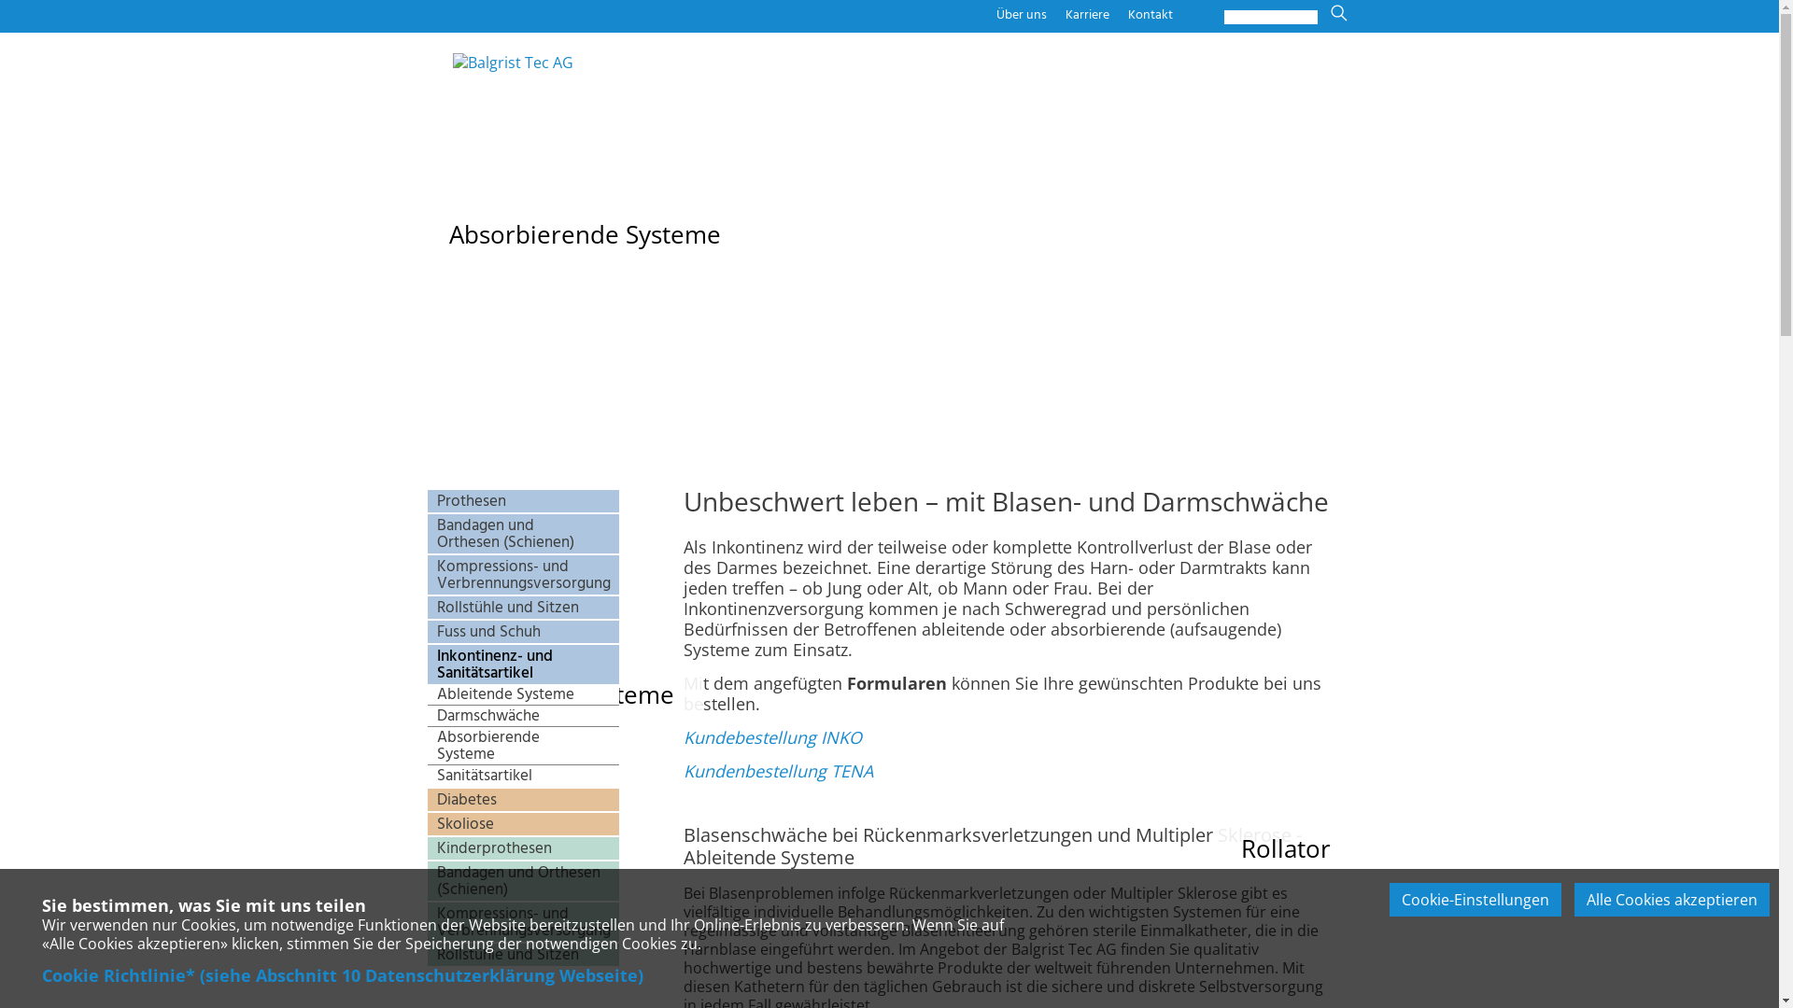  Describe the element at coordinates (523, 745) in the screenshot. I see `'Absorbierende Systeme'` at that location.